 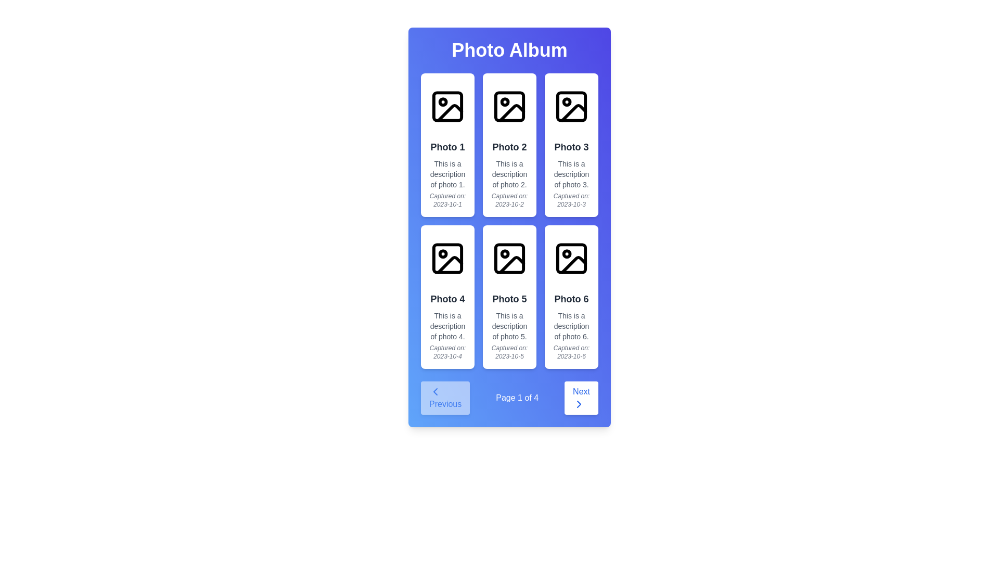 I want to click on the 'Next' navigation button, which contains a right-pointing chevron SVG icon, so click(x=579, y=403).